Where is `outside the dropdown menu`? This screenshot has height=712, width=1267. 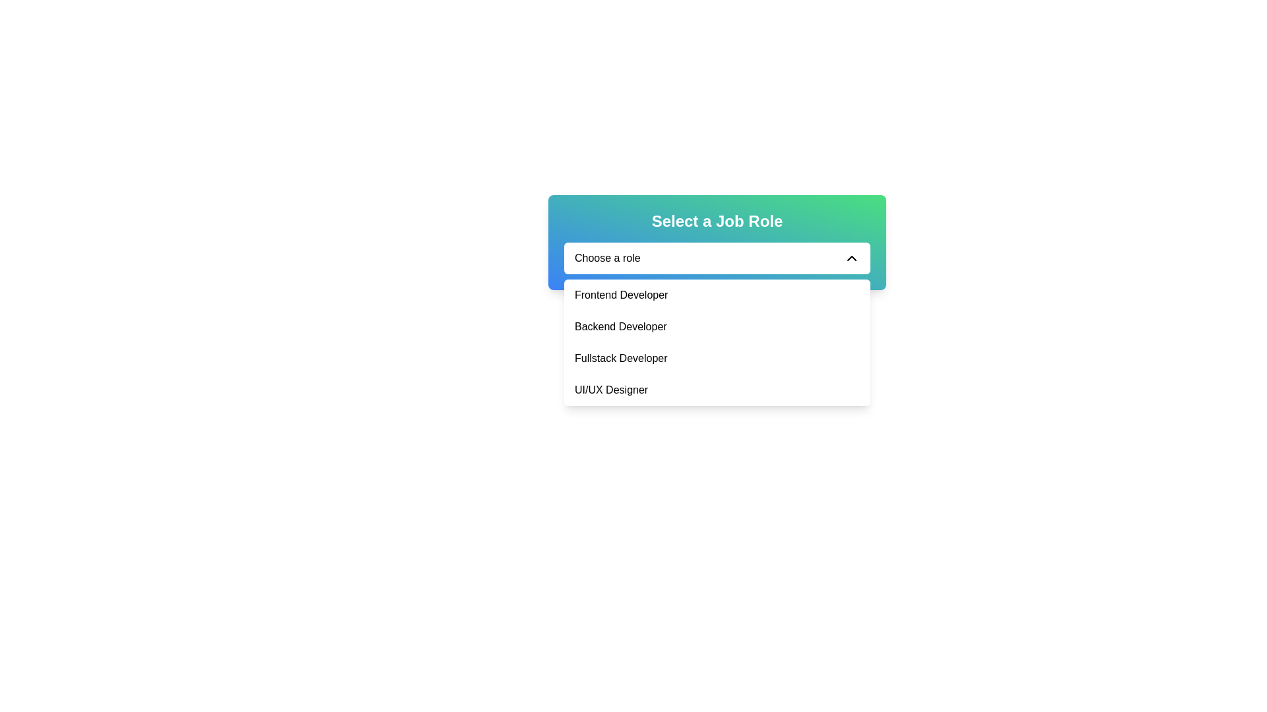
outside the dropdown menu is located at coordinates (716, 258).